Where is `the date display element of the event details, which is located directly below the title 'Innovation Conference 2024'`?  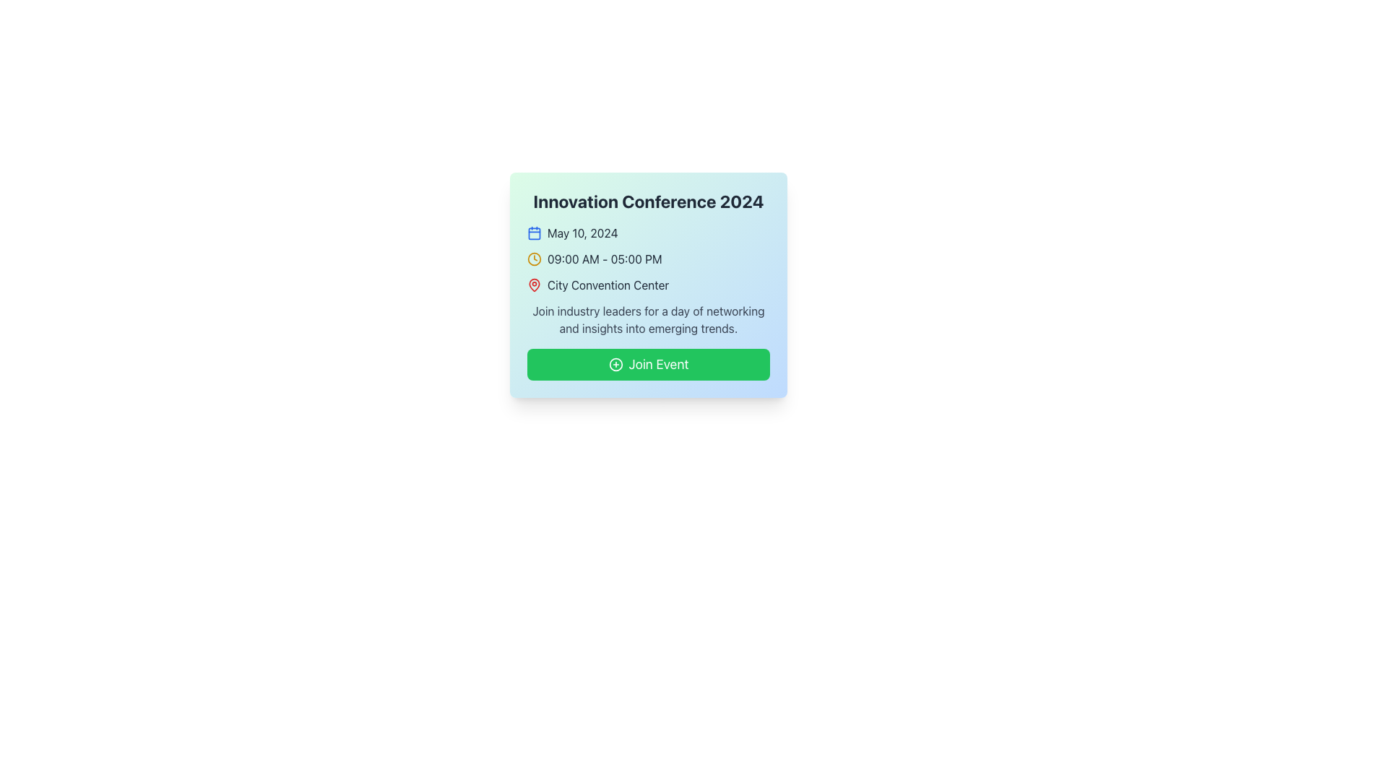 the date display element of the event details, which is located directly below the title 'Innovation Conference 2024' is located at coordinates (647, 233).